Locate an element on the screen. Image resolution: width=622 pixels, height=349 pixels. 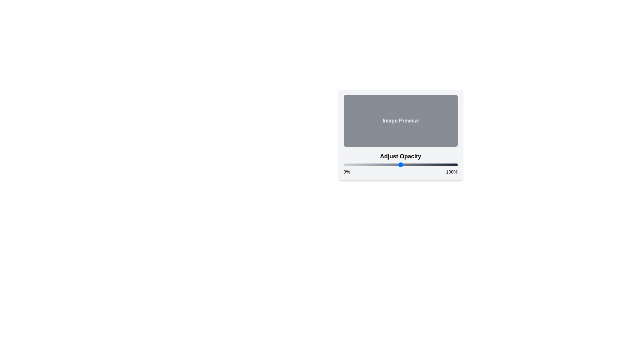
the opacity is located at coordinates (400, 164).